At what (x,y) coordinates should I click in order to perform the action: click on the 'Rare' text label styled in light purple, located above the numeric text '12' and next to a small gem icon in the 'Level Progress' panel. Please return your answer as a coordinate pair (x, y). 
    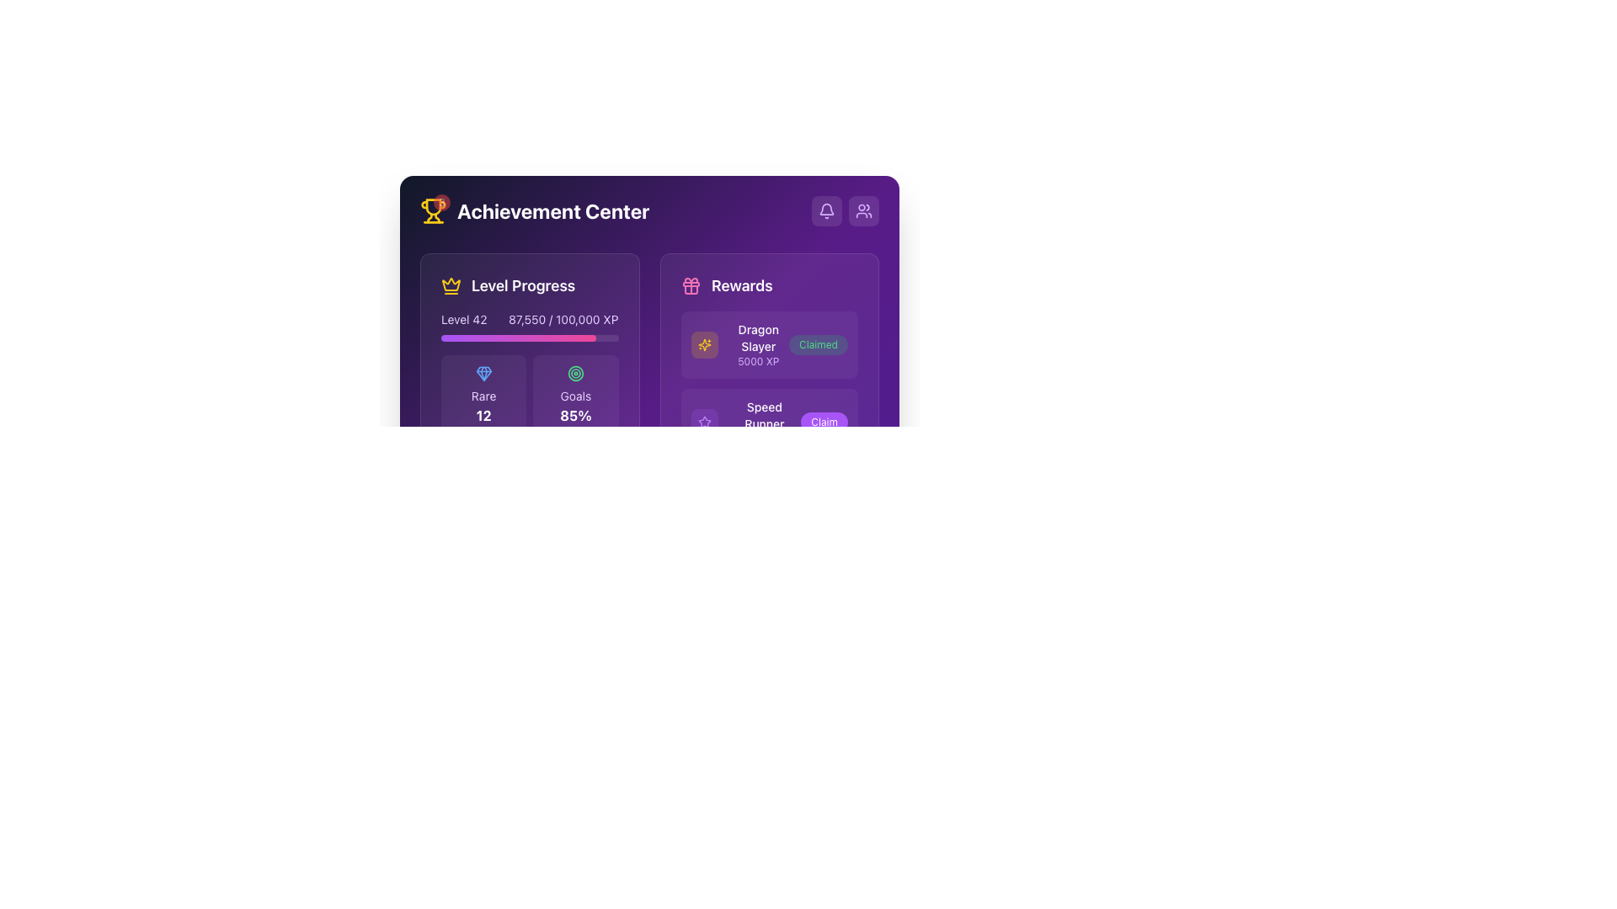
    Looking at the image, I should click on (483, 396).